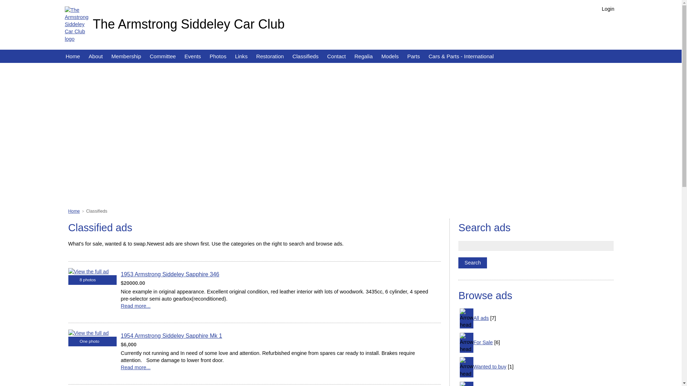 Image resolution: width=687 pixels, height=386 pixels. Describe the element at coordinates (252, 56) in the screenshot. I see `'Restoration'` at that location.